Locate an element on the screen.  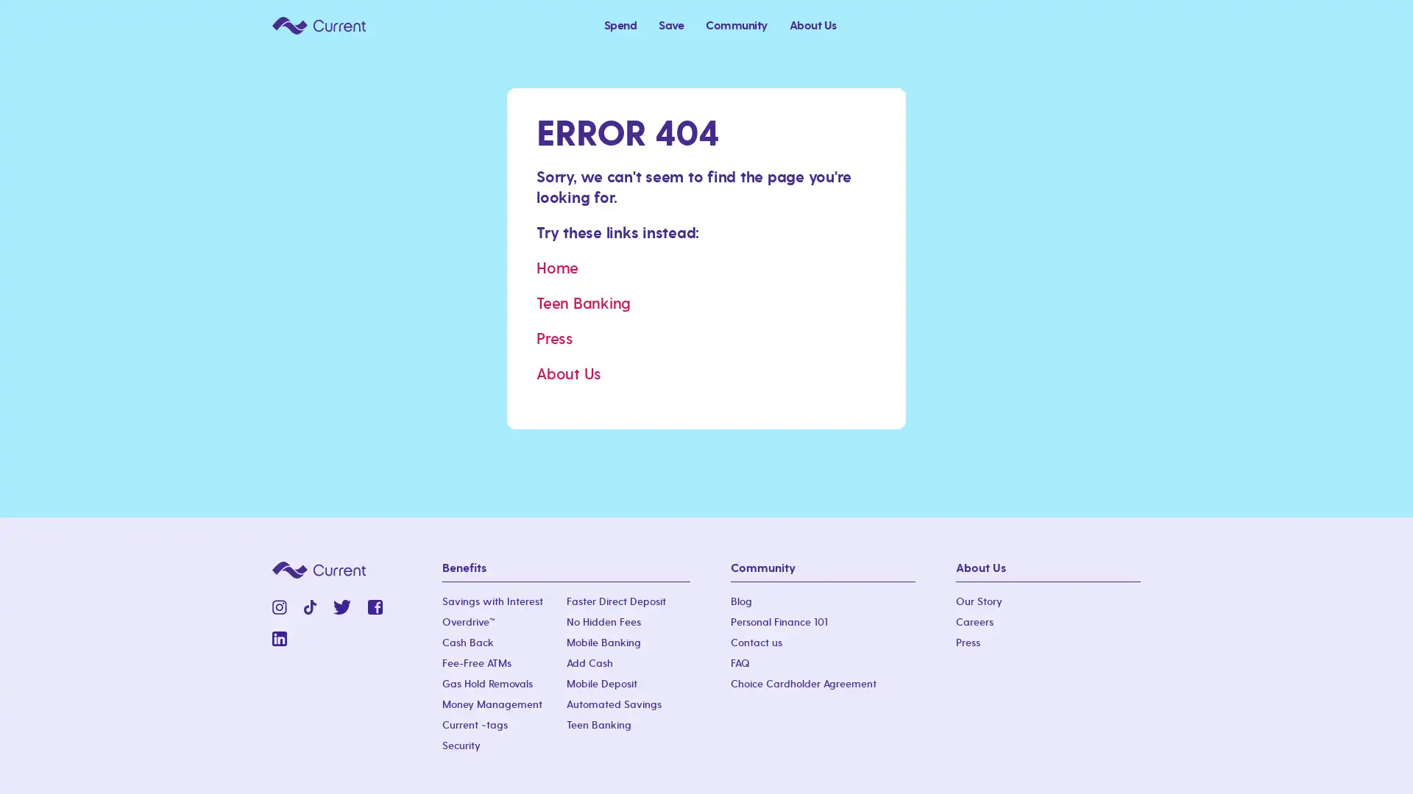
Blog is located at coordinates (741, 601).